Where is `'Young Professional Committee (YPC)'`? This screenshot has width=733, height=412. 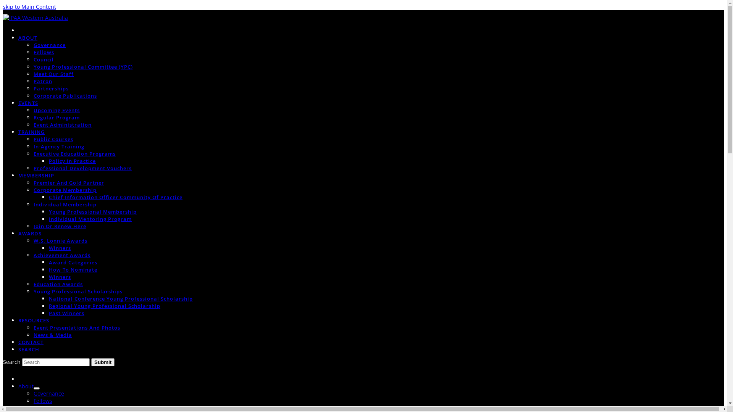
'Young Professional Committee (YPC)' is located at coordinates (33, 66).